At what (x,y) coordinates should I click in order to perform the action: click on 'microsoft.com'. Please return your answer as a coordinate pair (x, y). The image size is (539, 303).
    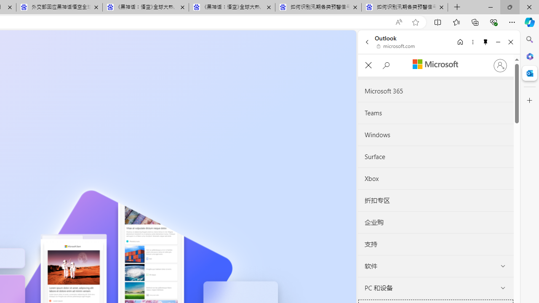
    Looking at the image, I should click on (395, 46).